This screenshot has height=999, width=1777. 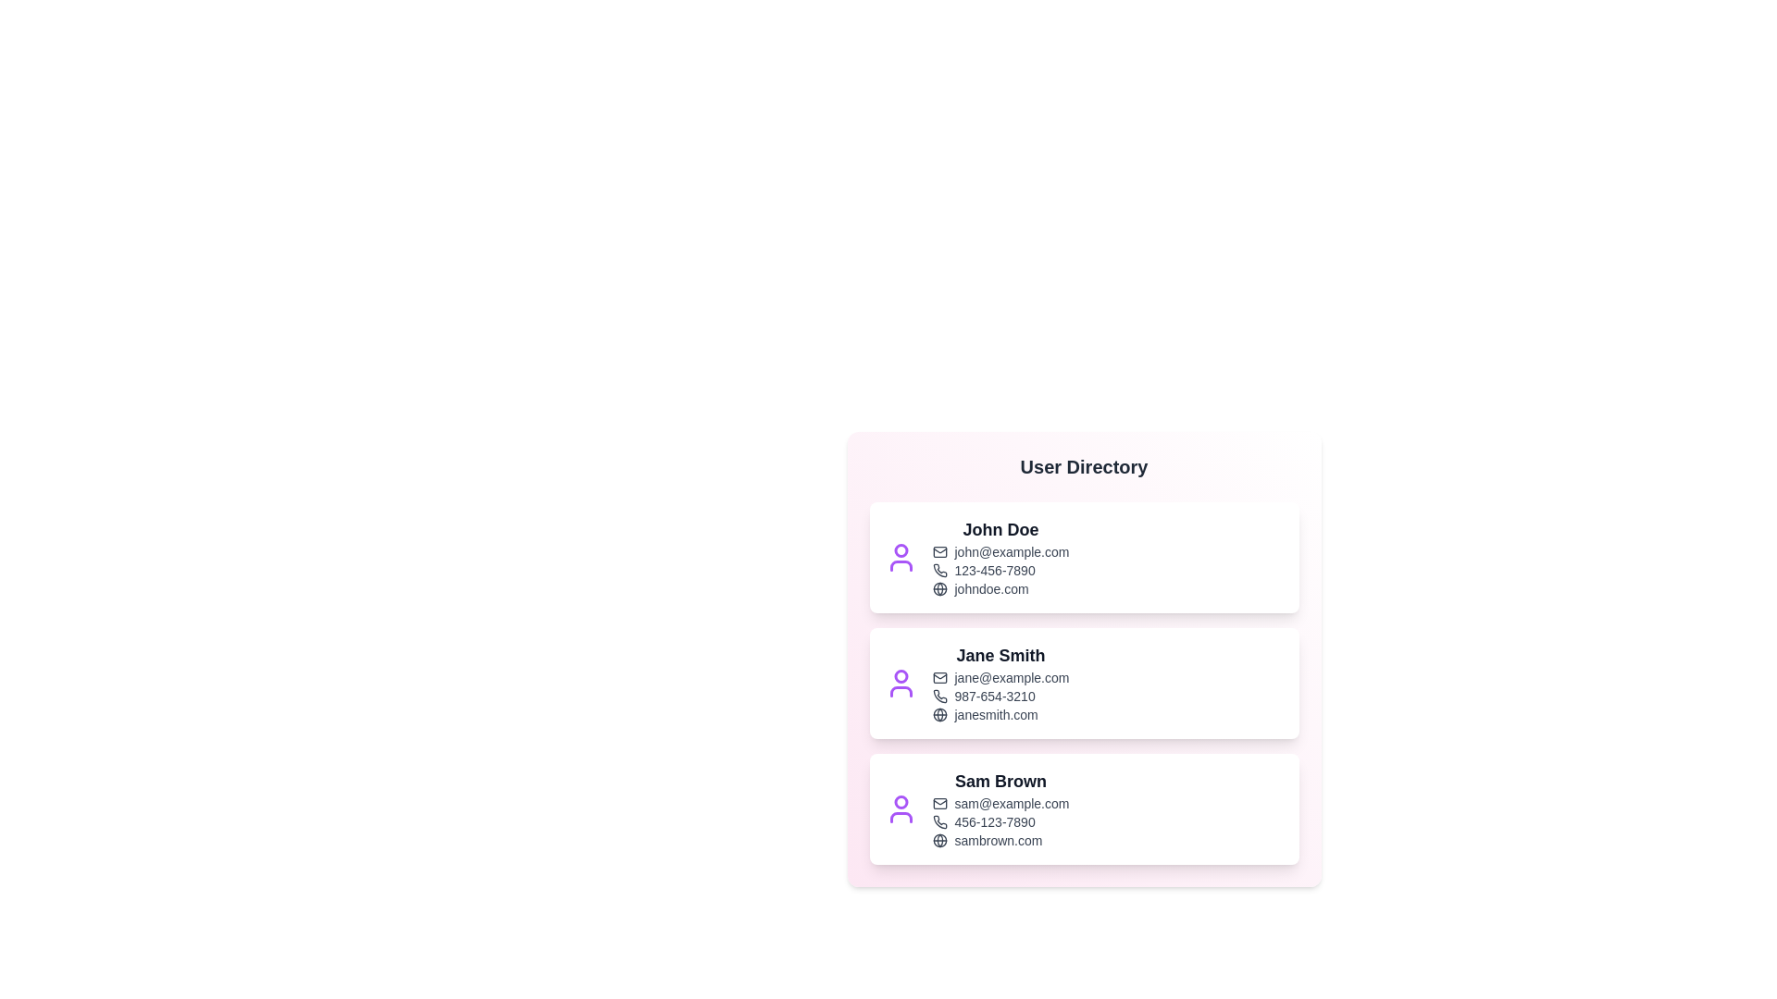 I want to click on the phone number of Sam Brown, so click(x=1000, y=820).